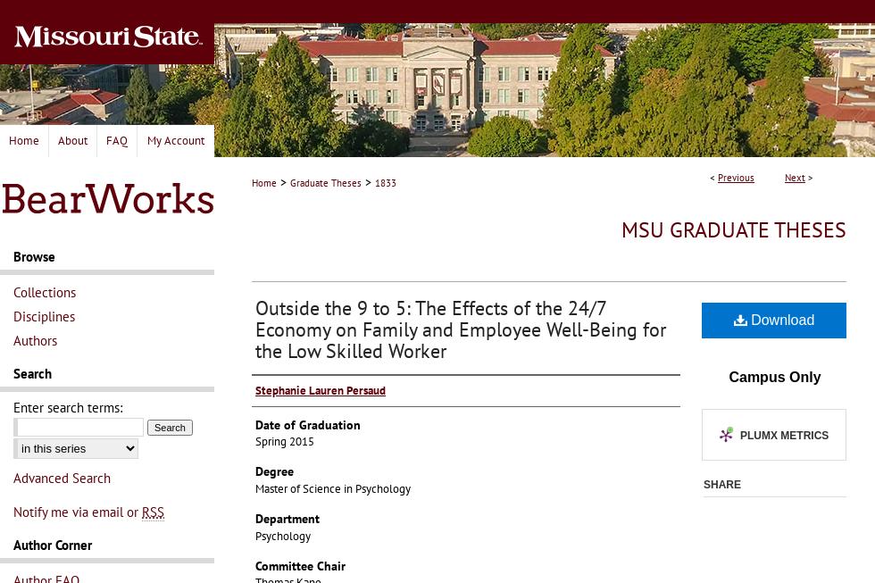  What do you see at coordinates (32, 373) in the screenshot?
I see `'Search'` at bounding box center [32, 373].